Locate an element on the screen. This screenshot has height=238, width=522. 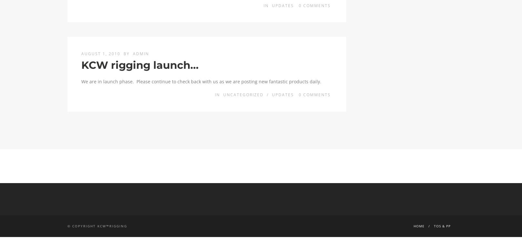
'We are in launch phase.  Please continue to check back with us as we are posting new fantastic products daily.' is located at coordinates (201, 81).